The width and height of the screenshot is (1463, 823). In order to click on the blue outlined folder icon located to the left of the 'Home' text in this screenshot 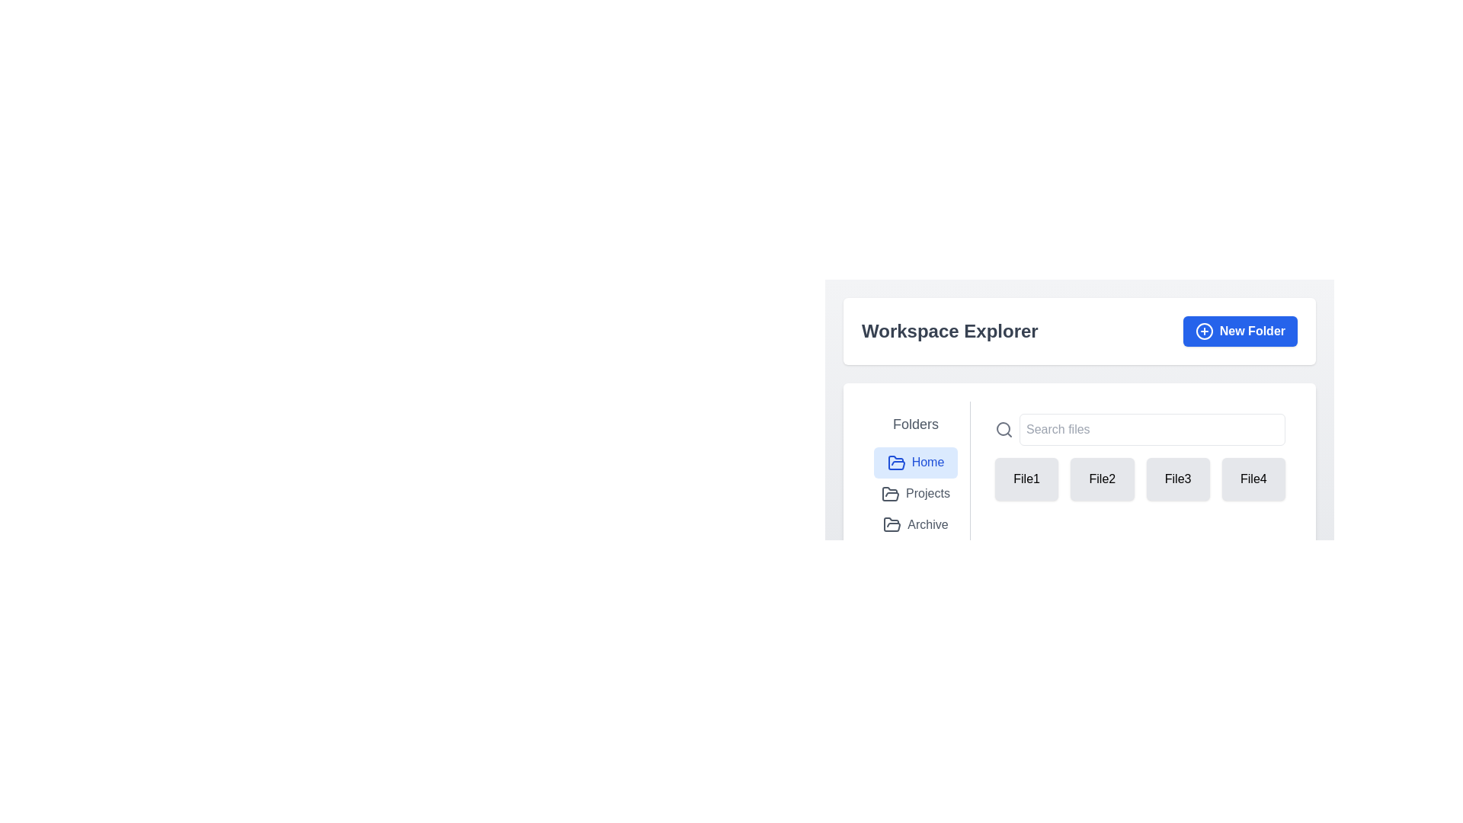, I will do `click(896, 462)`.